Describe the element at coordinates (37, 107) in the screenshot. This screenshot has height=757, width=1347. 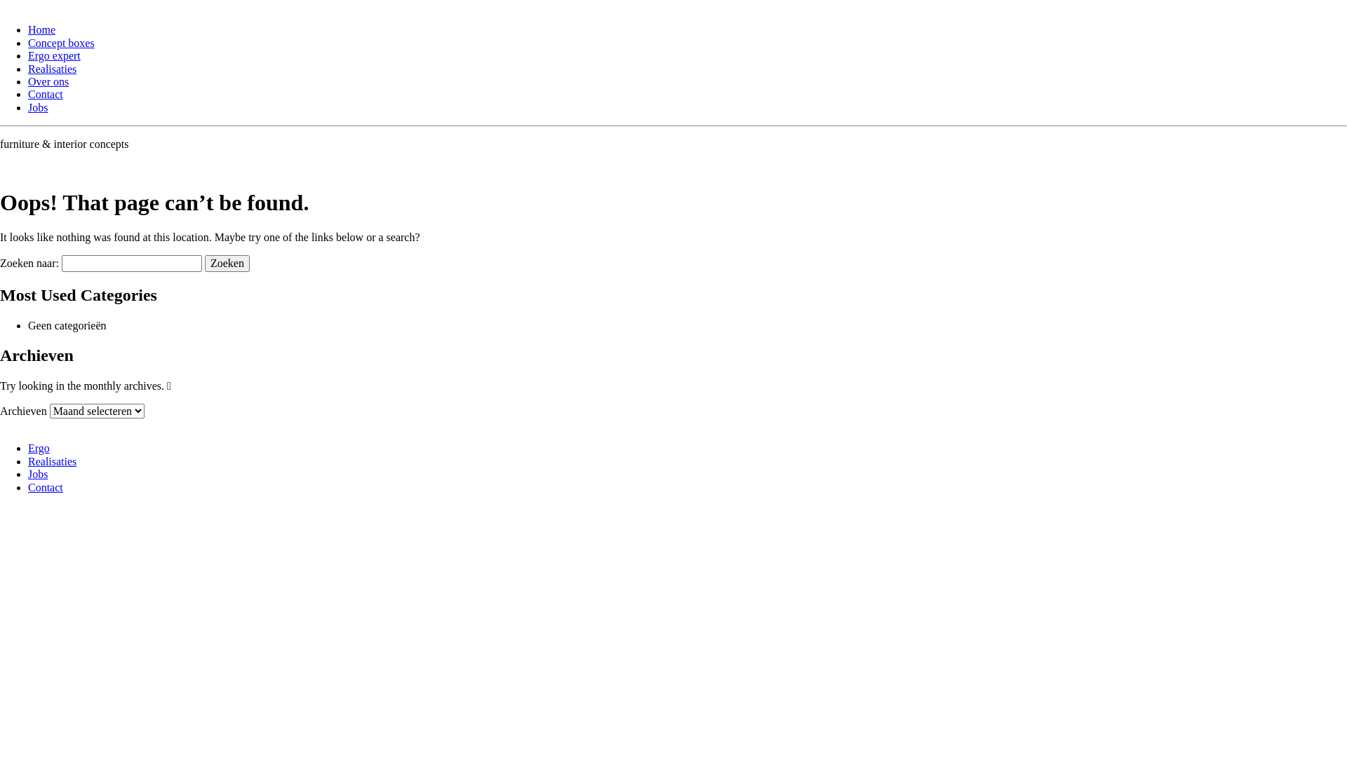
I see `'Jobs'` at that location.